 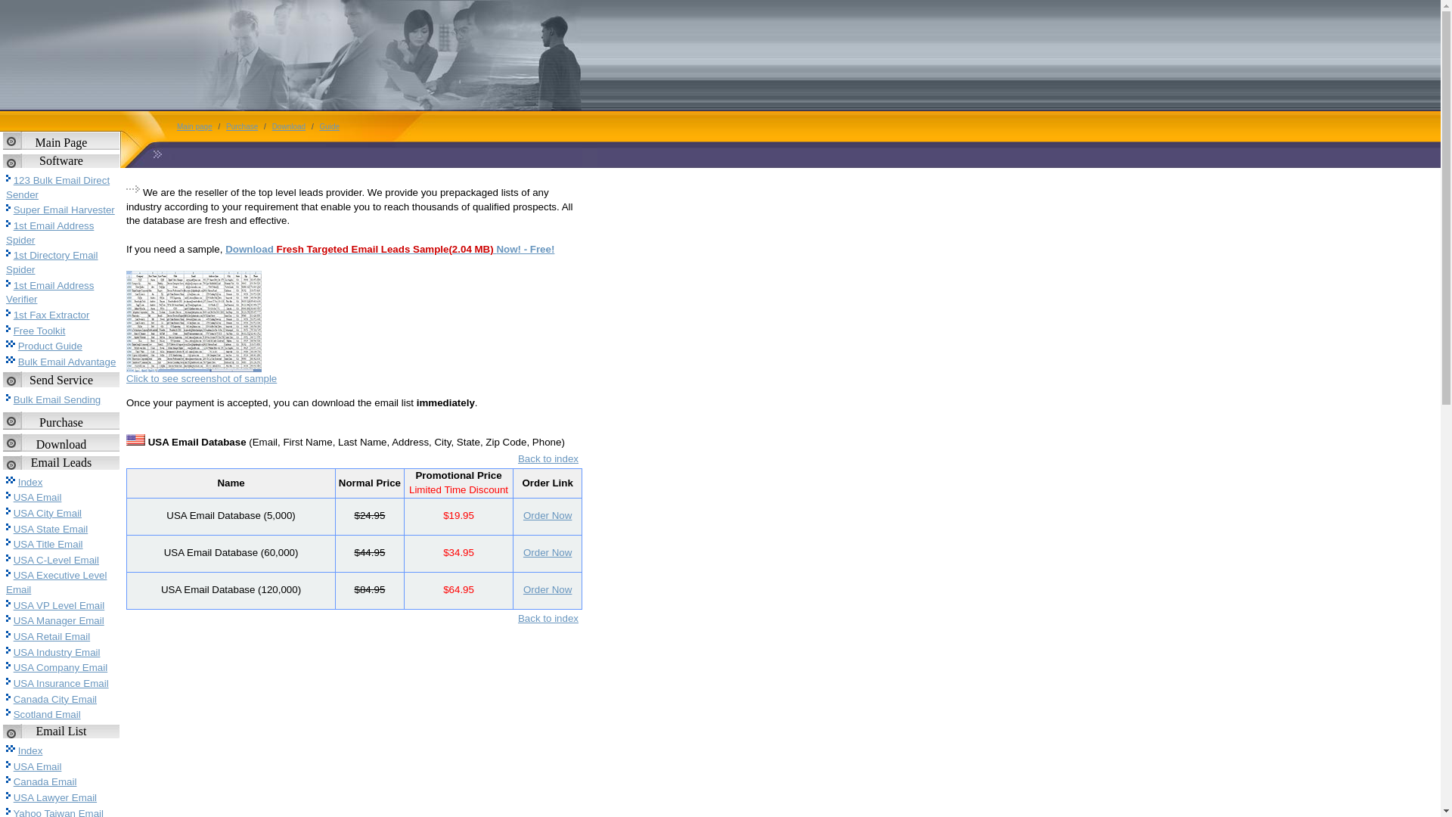 I want to click on 'Download', so click(x=268, y=126).